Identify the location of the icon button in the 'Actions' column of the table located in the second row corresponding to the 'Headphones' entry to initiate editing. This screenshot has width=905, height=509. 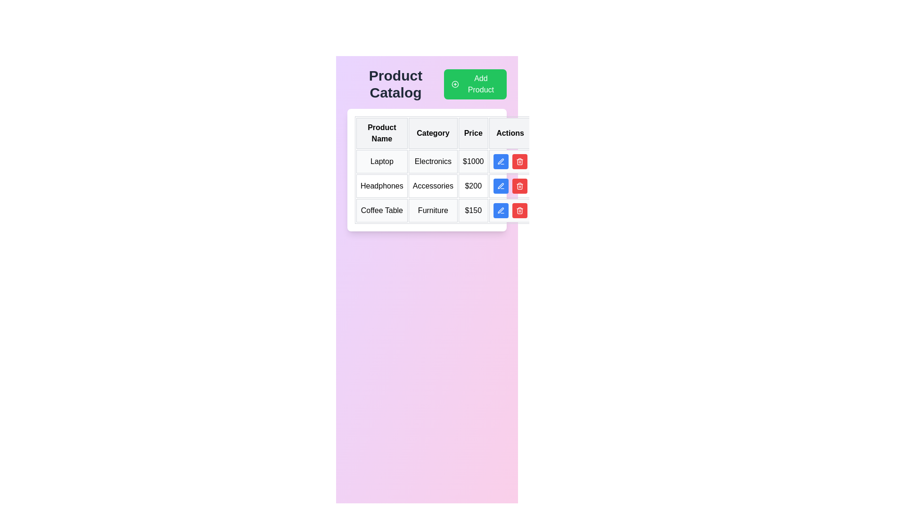
(500, 161).